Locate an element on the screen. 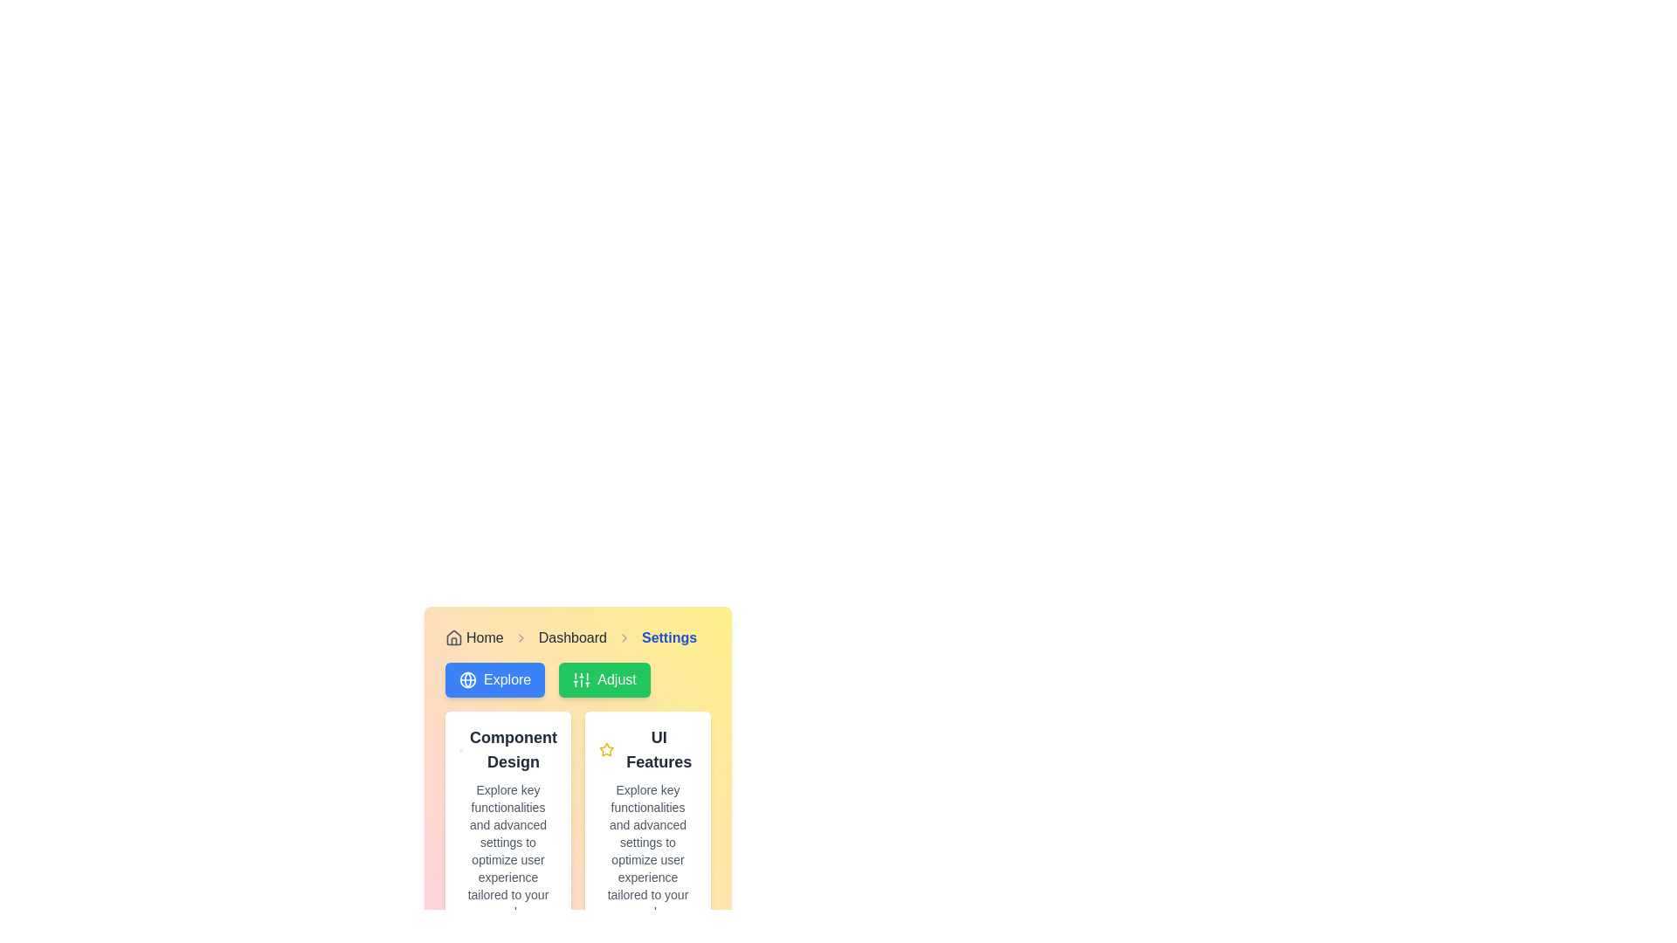 The width and height of the screenshot is (1677, 943). the descriptive text element that details the various functions and adjustable settings for optimizing user experiences, located beneath the title 'Component Design' and above the 'Learn More' button is located at coordinates (507, 850).